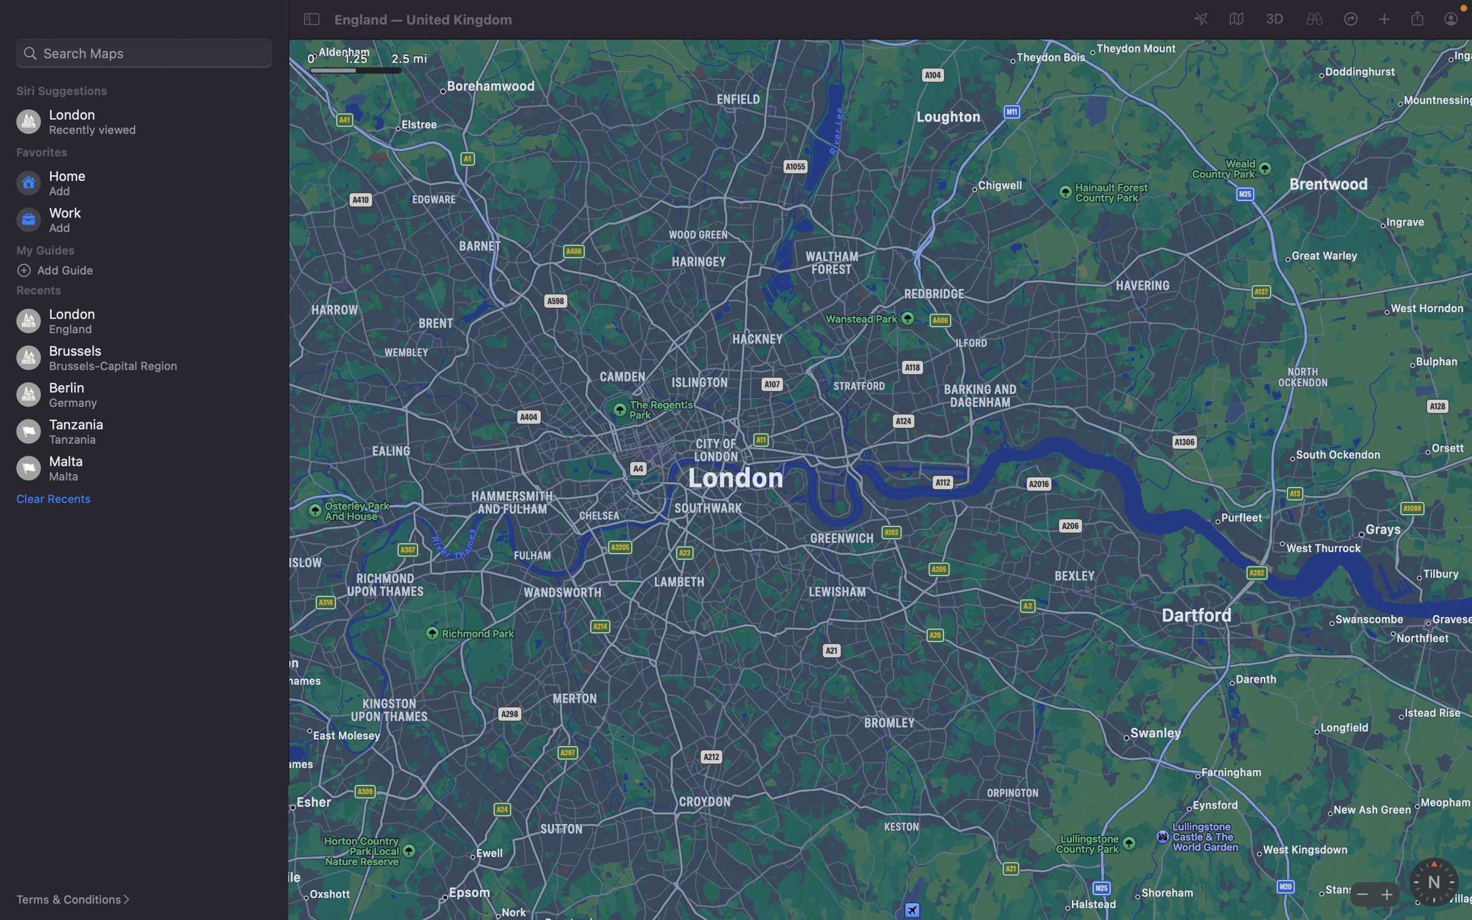  Describe the element at coordinates (147, 220) in the screenshot. I see `Incorporate a fresh work site` at that location.